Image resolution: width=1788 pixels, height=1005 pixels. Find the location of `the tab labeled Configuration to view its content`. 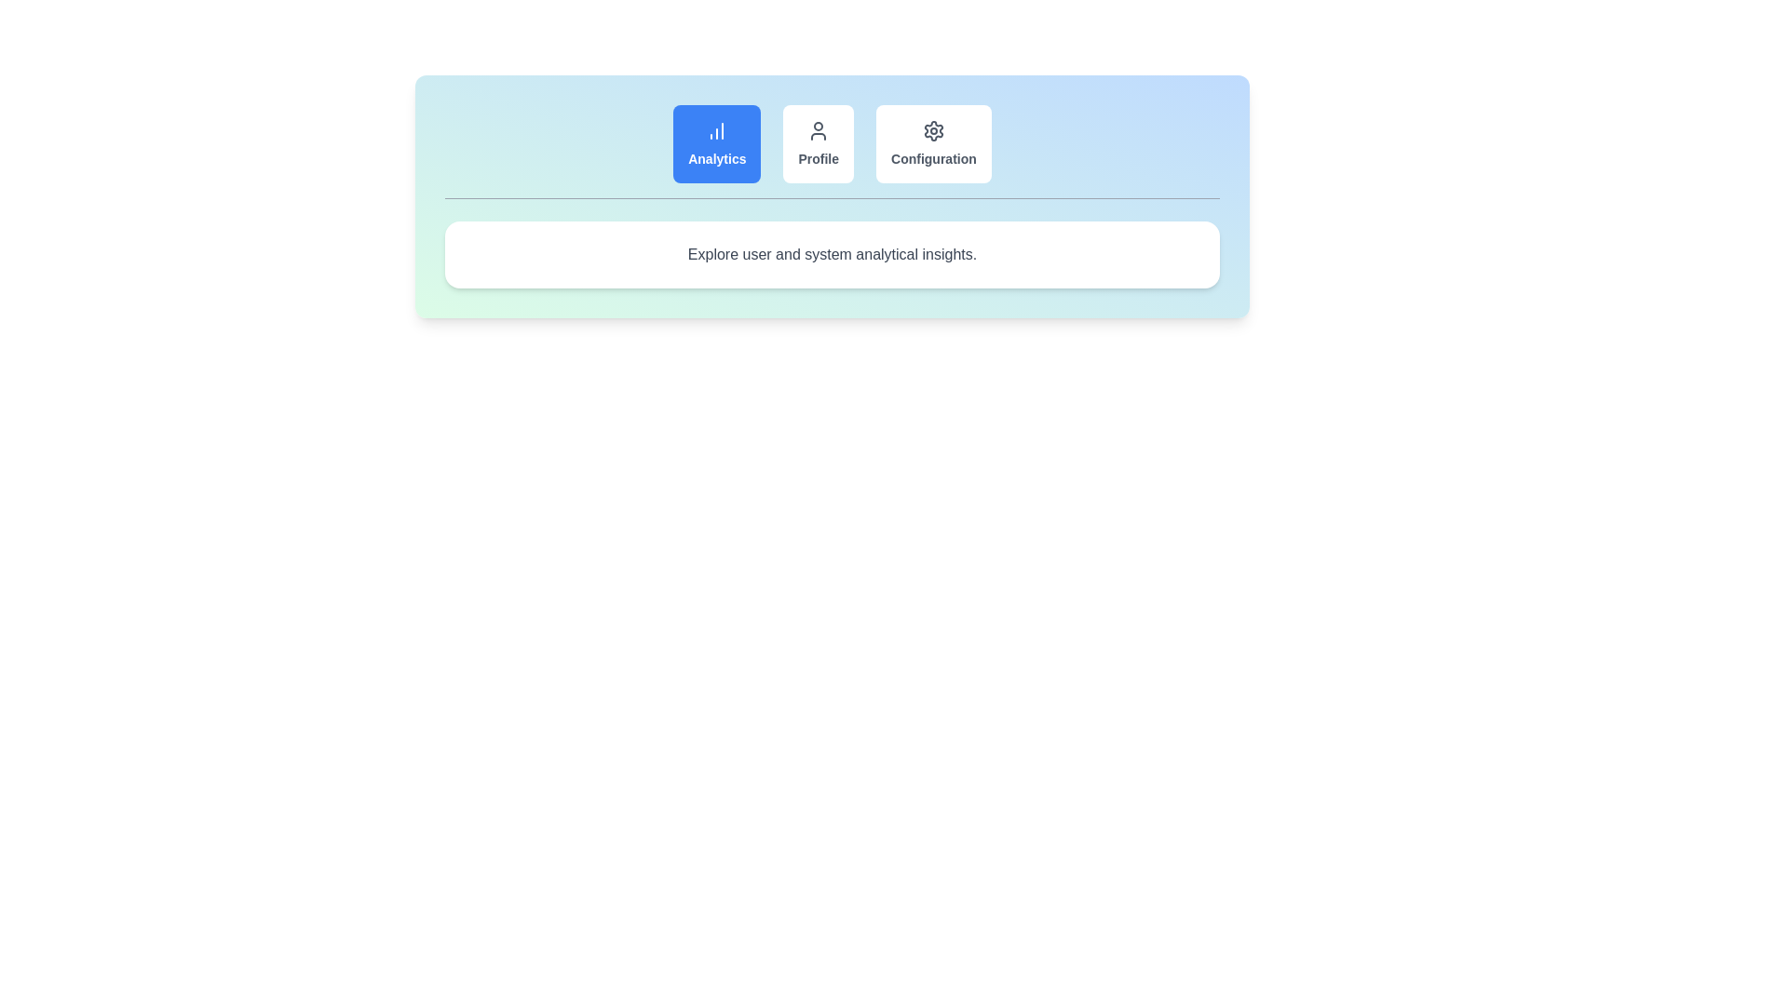

the tab labeled Configuration to view its content is located at coordinates (934, 142).